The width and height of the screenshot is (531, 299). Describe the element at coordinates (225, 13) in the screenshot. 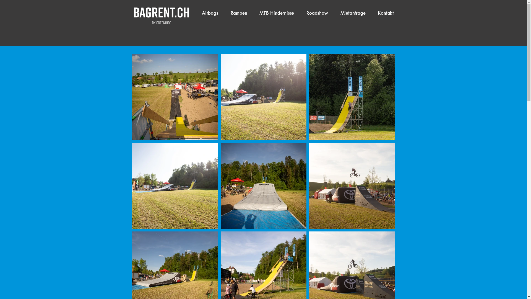

I see `'Rampen'` at that location.